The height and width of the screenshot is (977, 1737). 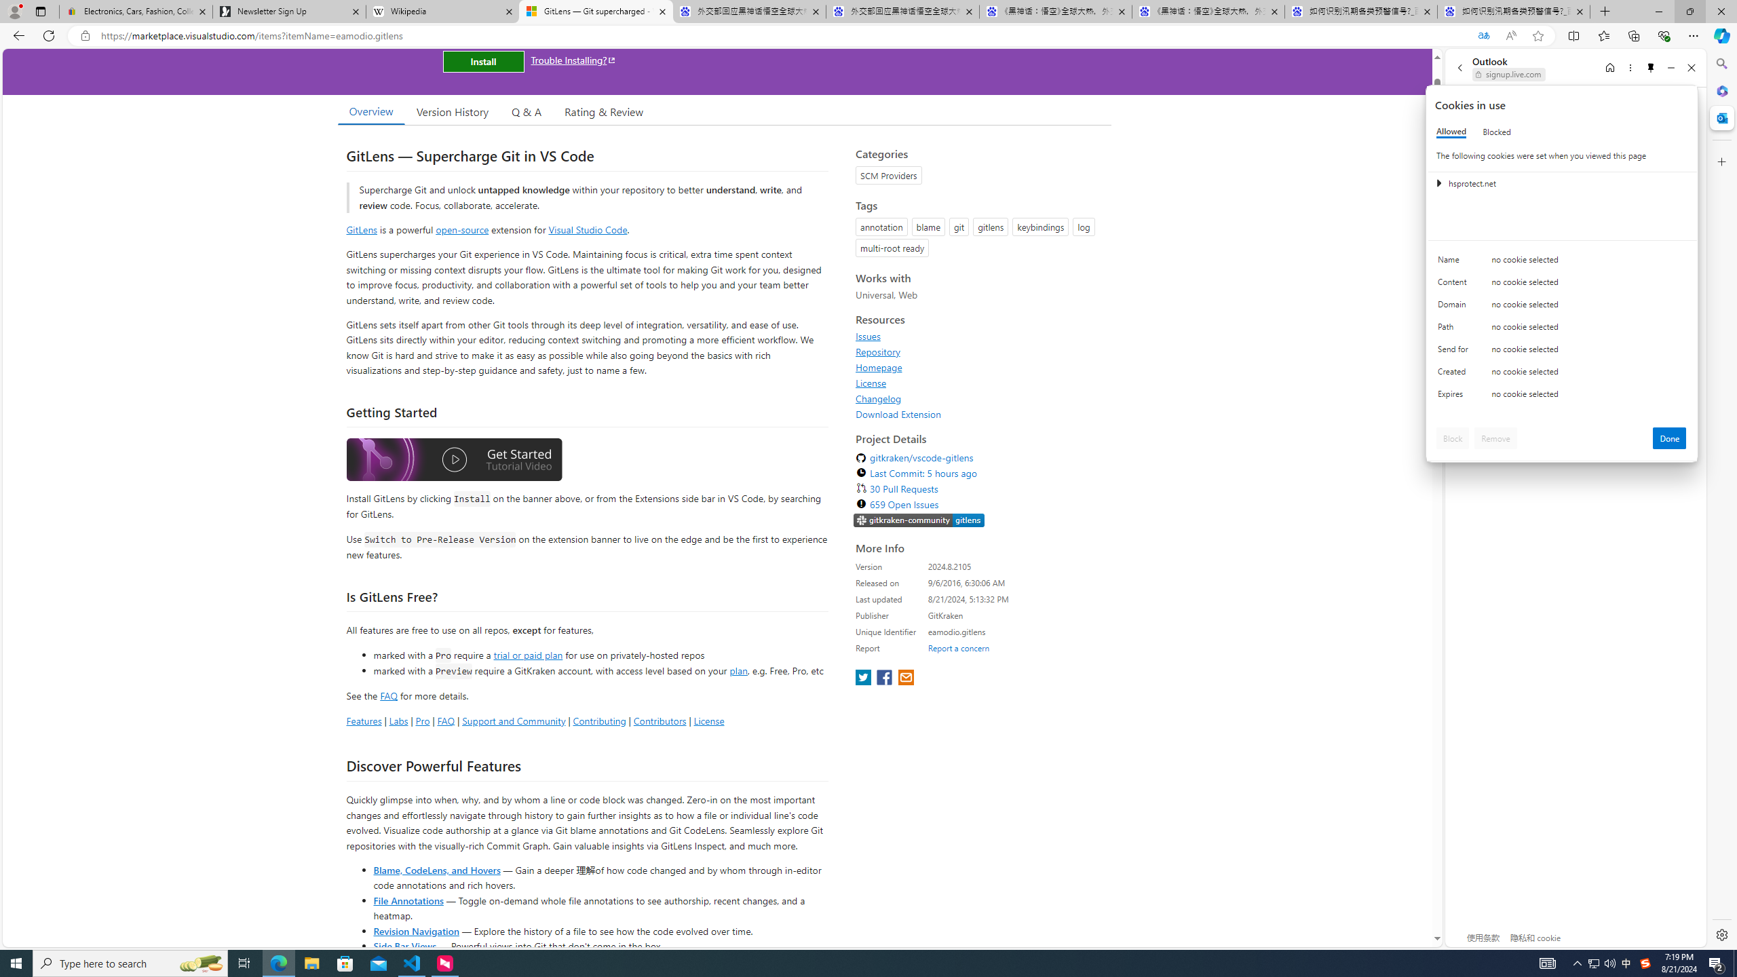 What do you see at coordinates (1455, 285) in the screenshot?
I see `'Content'` at bounding box center [1455, 285].